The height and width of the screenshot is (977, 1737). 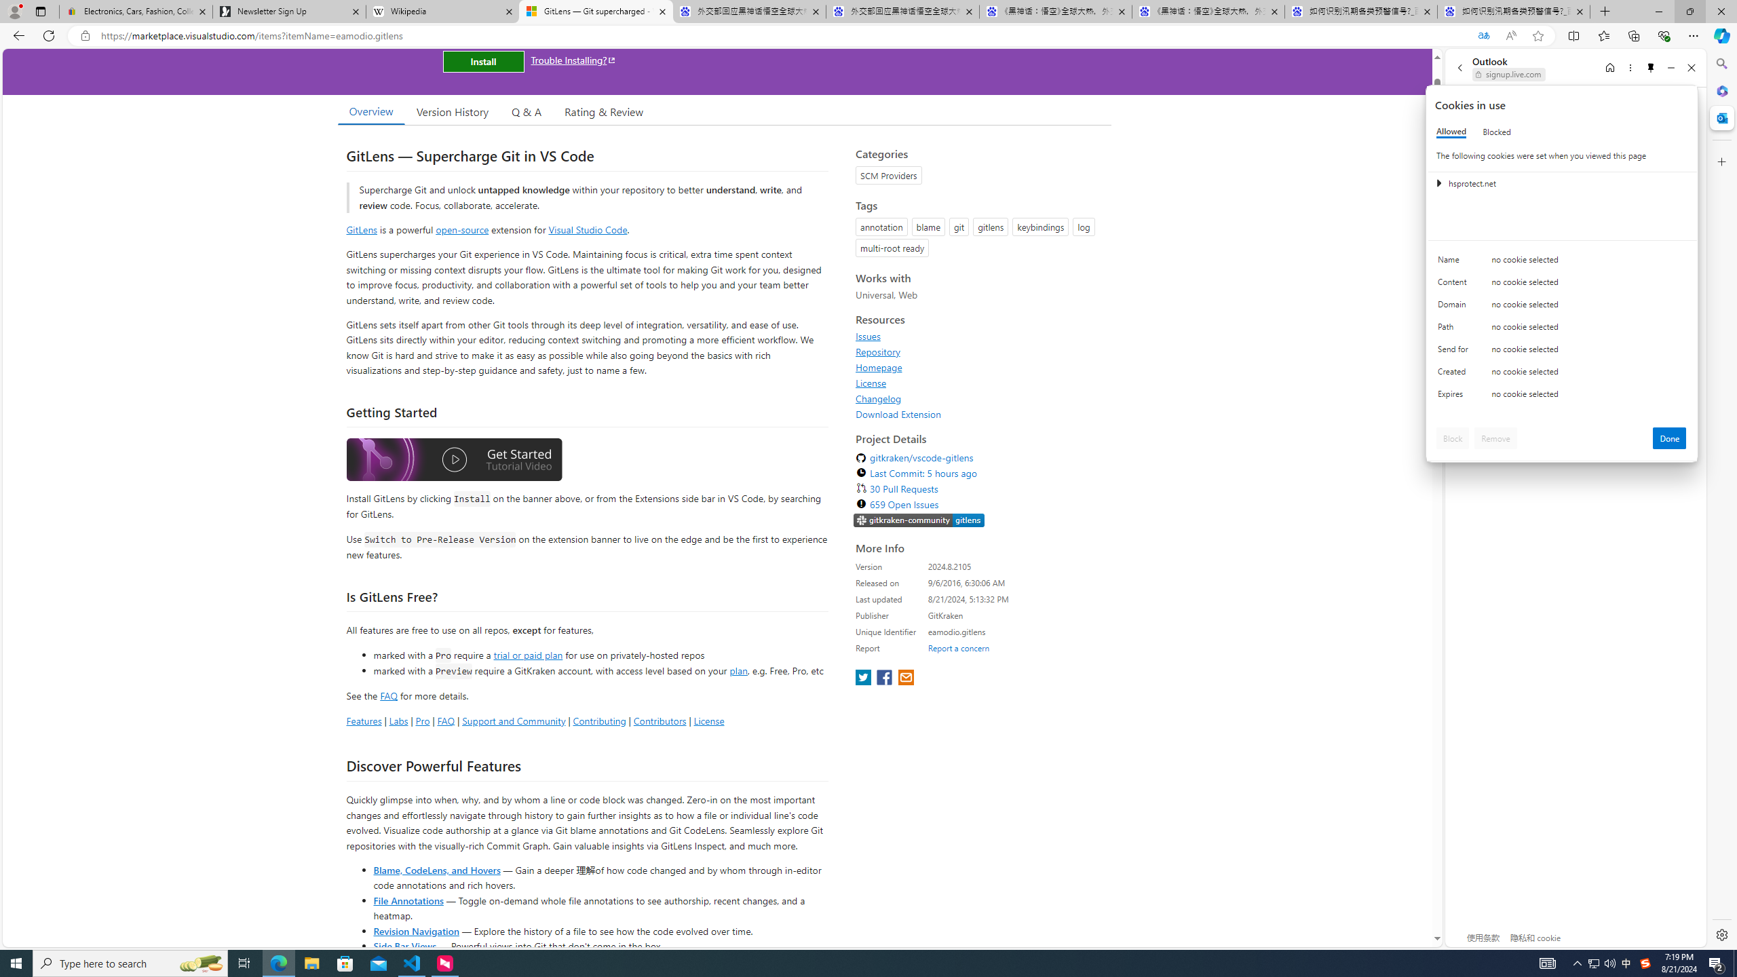 What do you see at coordinates (1455, 285) in the screenshot?
I see `'Content'` at bounding box center [1455, 285].